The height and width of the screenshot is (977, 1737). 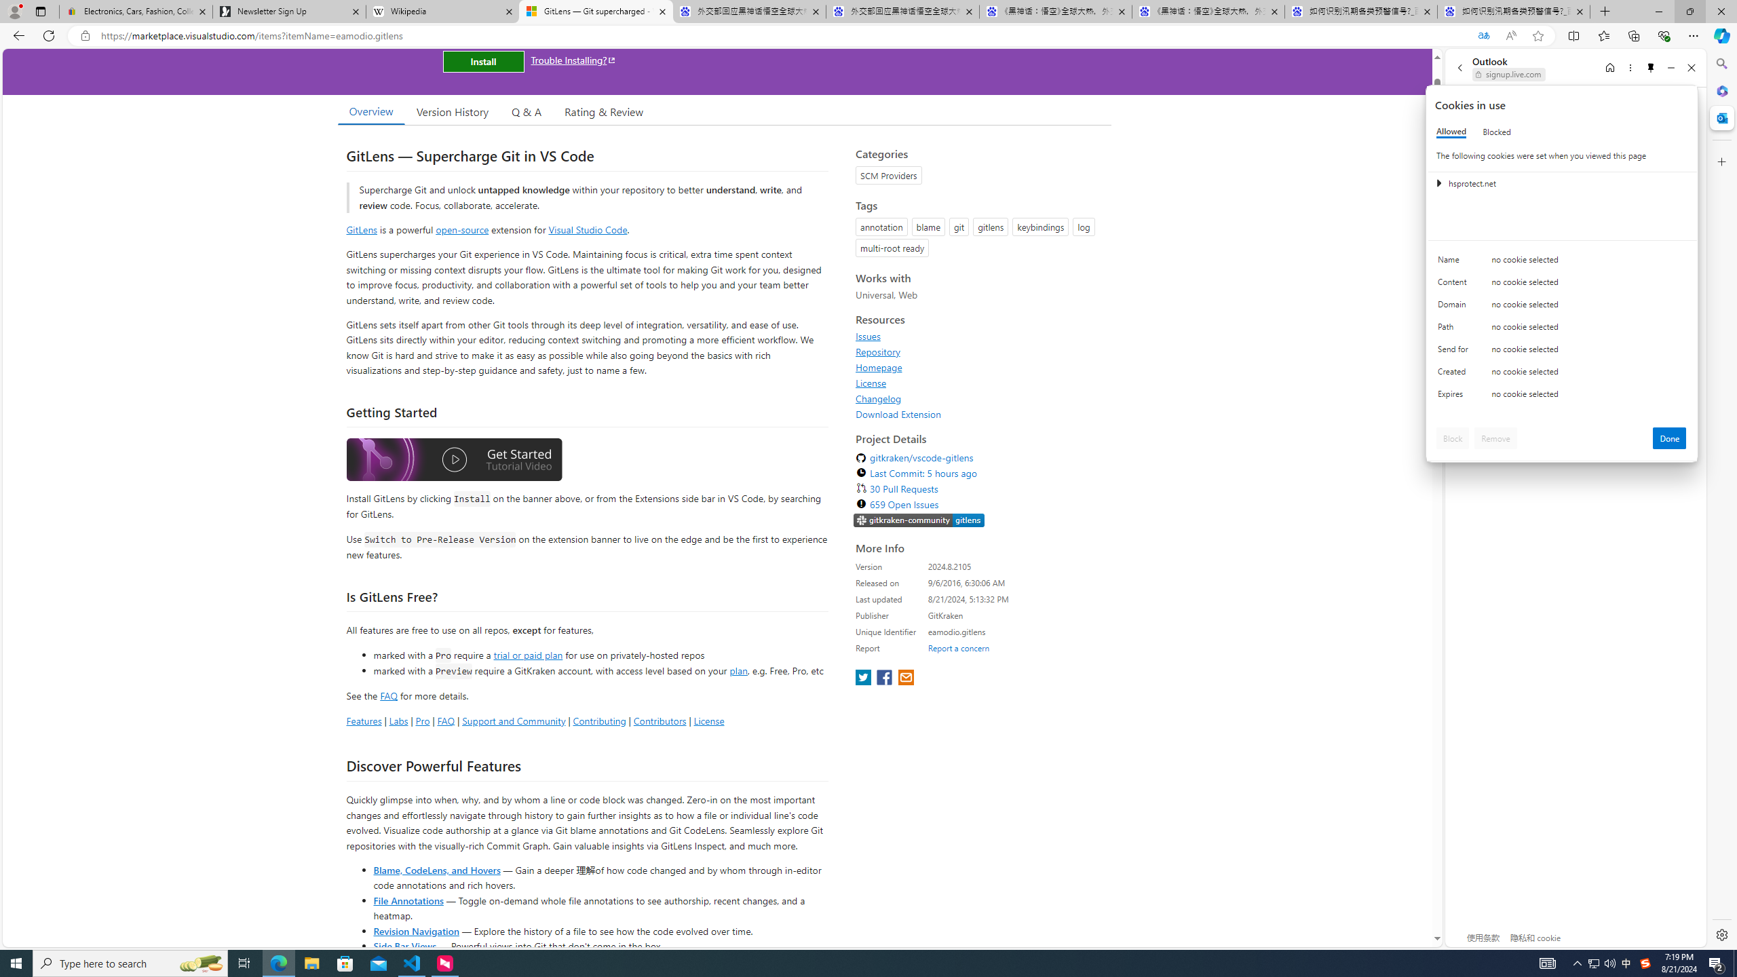 What do you see at coordinates (1455, 285) in the screenshot?
I see `'Content'` at bounding box center [1455, 285].